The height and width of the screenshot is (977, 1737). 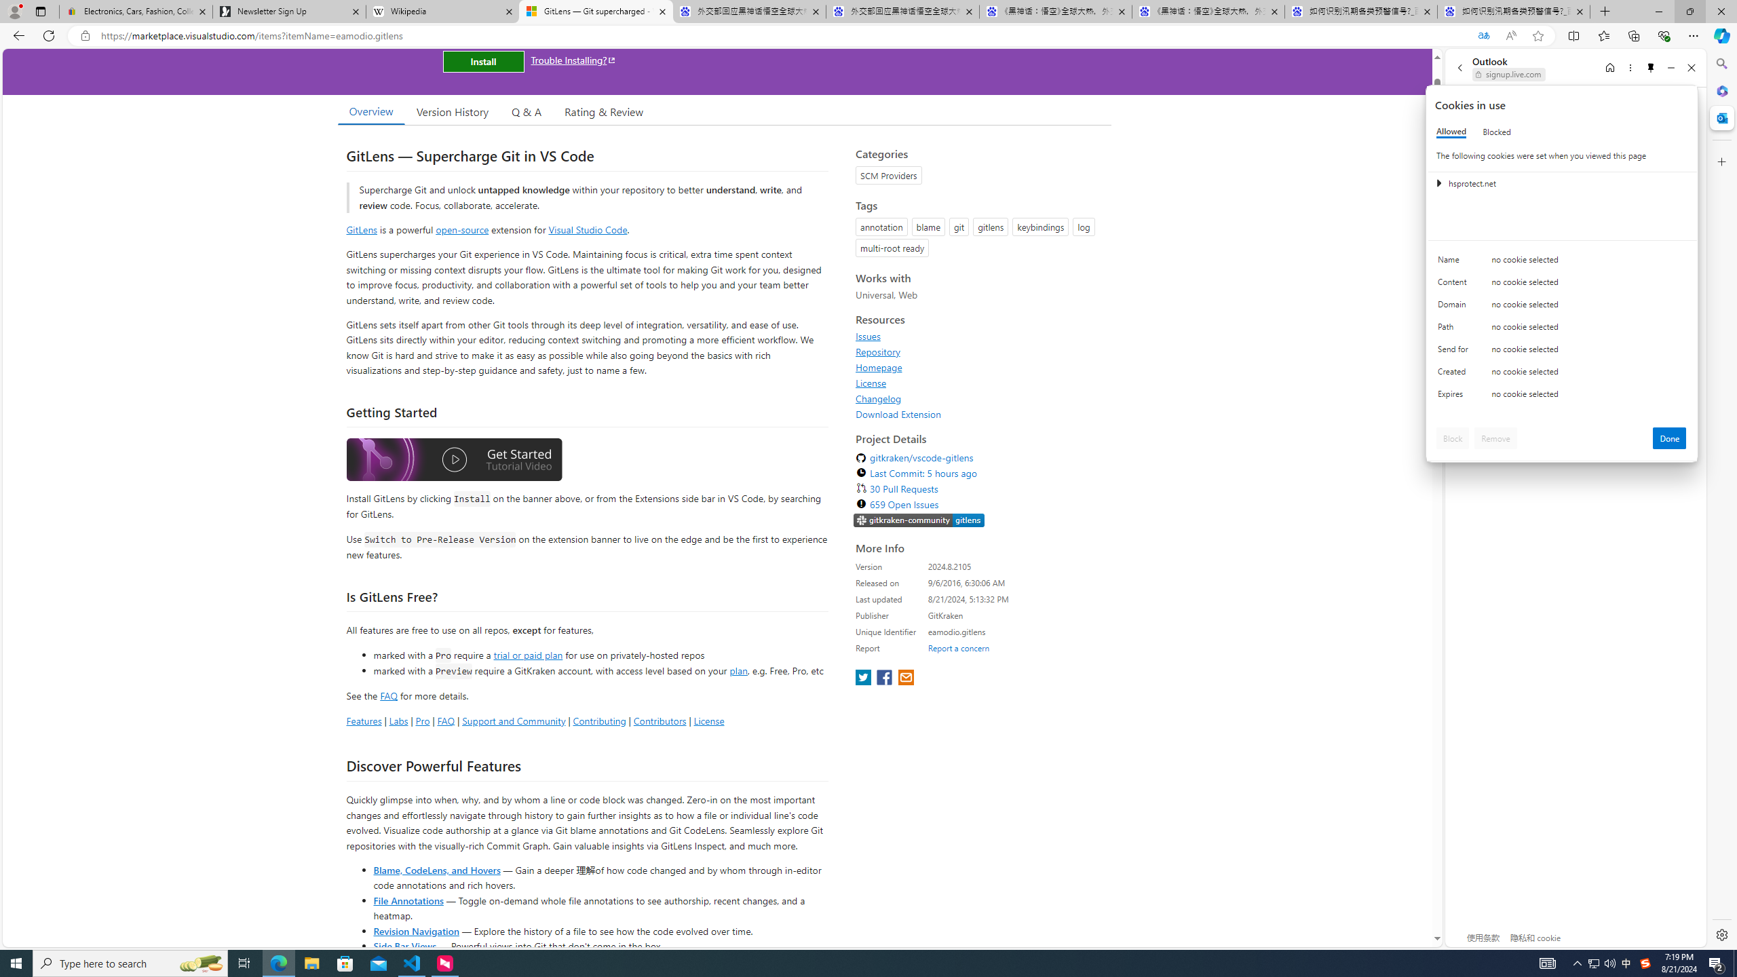 What do you see at coordinates (1455, 285) in the screenshot?
I see `'Content'` at bounding box center [1455, 285].